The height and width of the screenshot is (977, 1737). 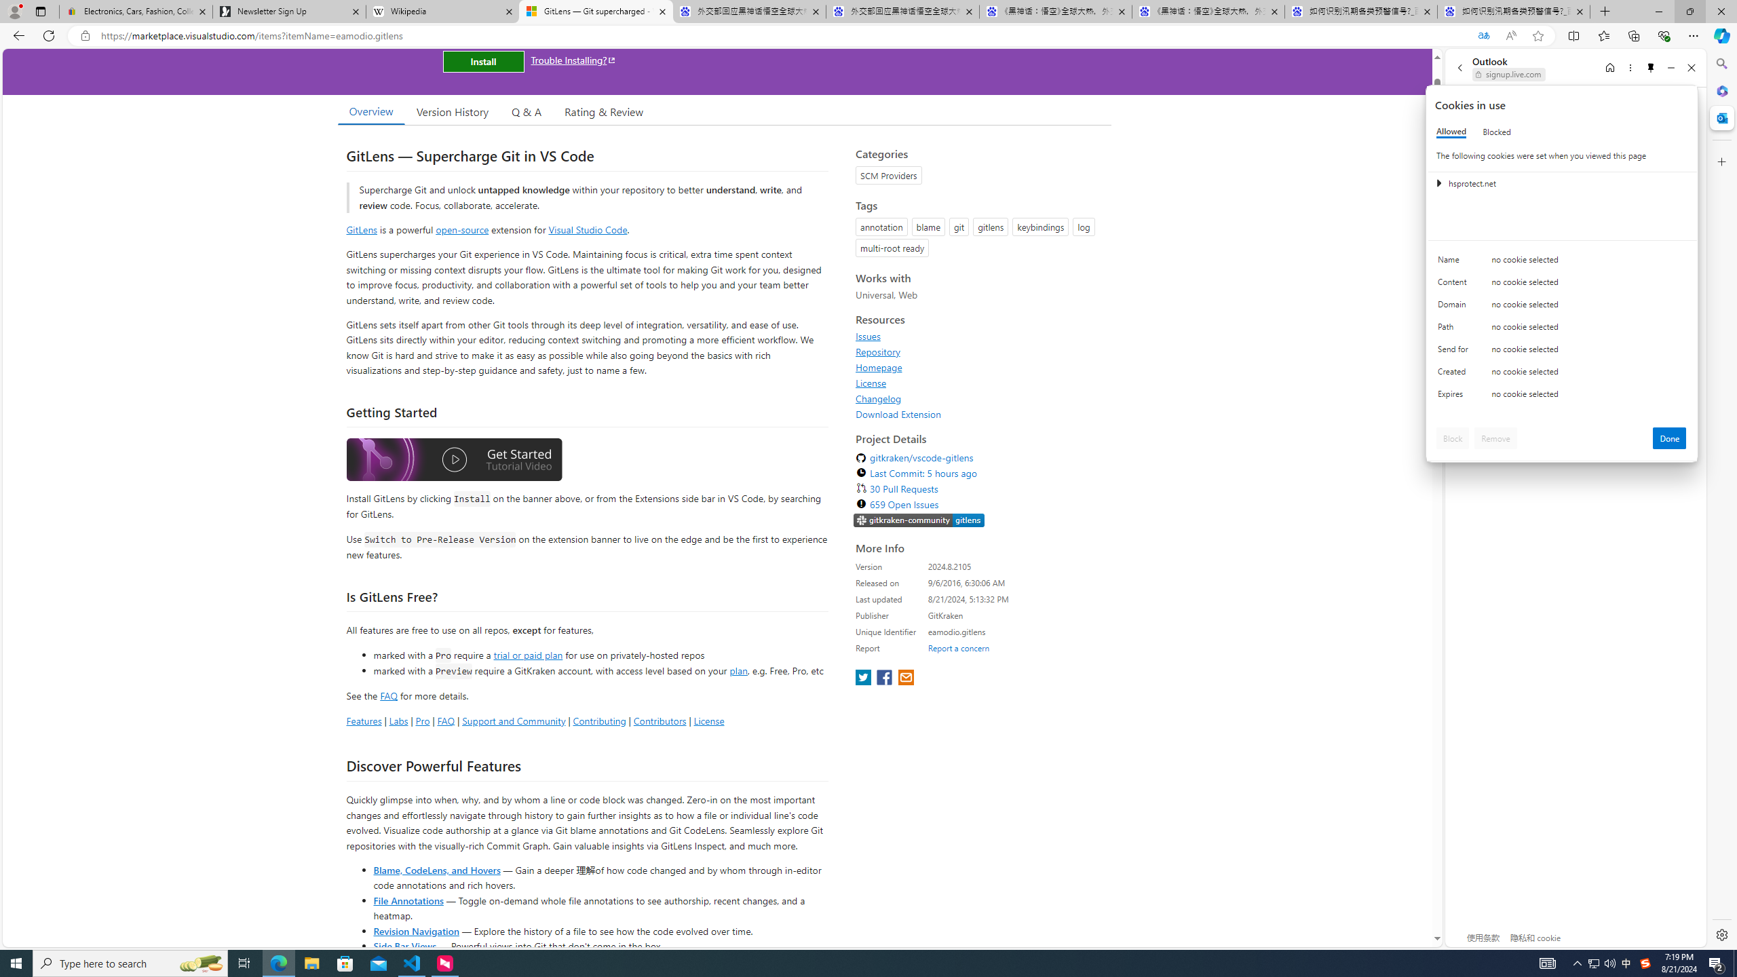 What do you see at coordinates (1455, 285) in the screenshot?
I see `'Content'` at bounding box center [1455, 285].